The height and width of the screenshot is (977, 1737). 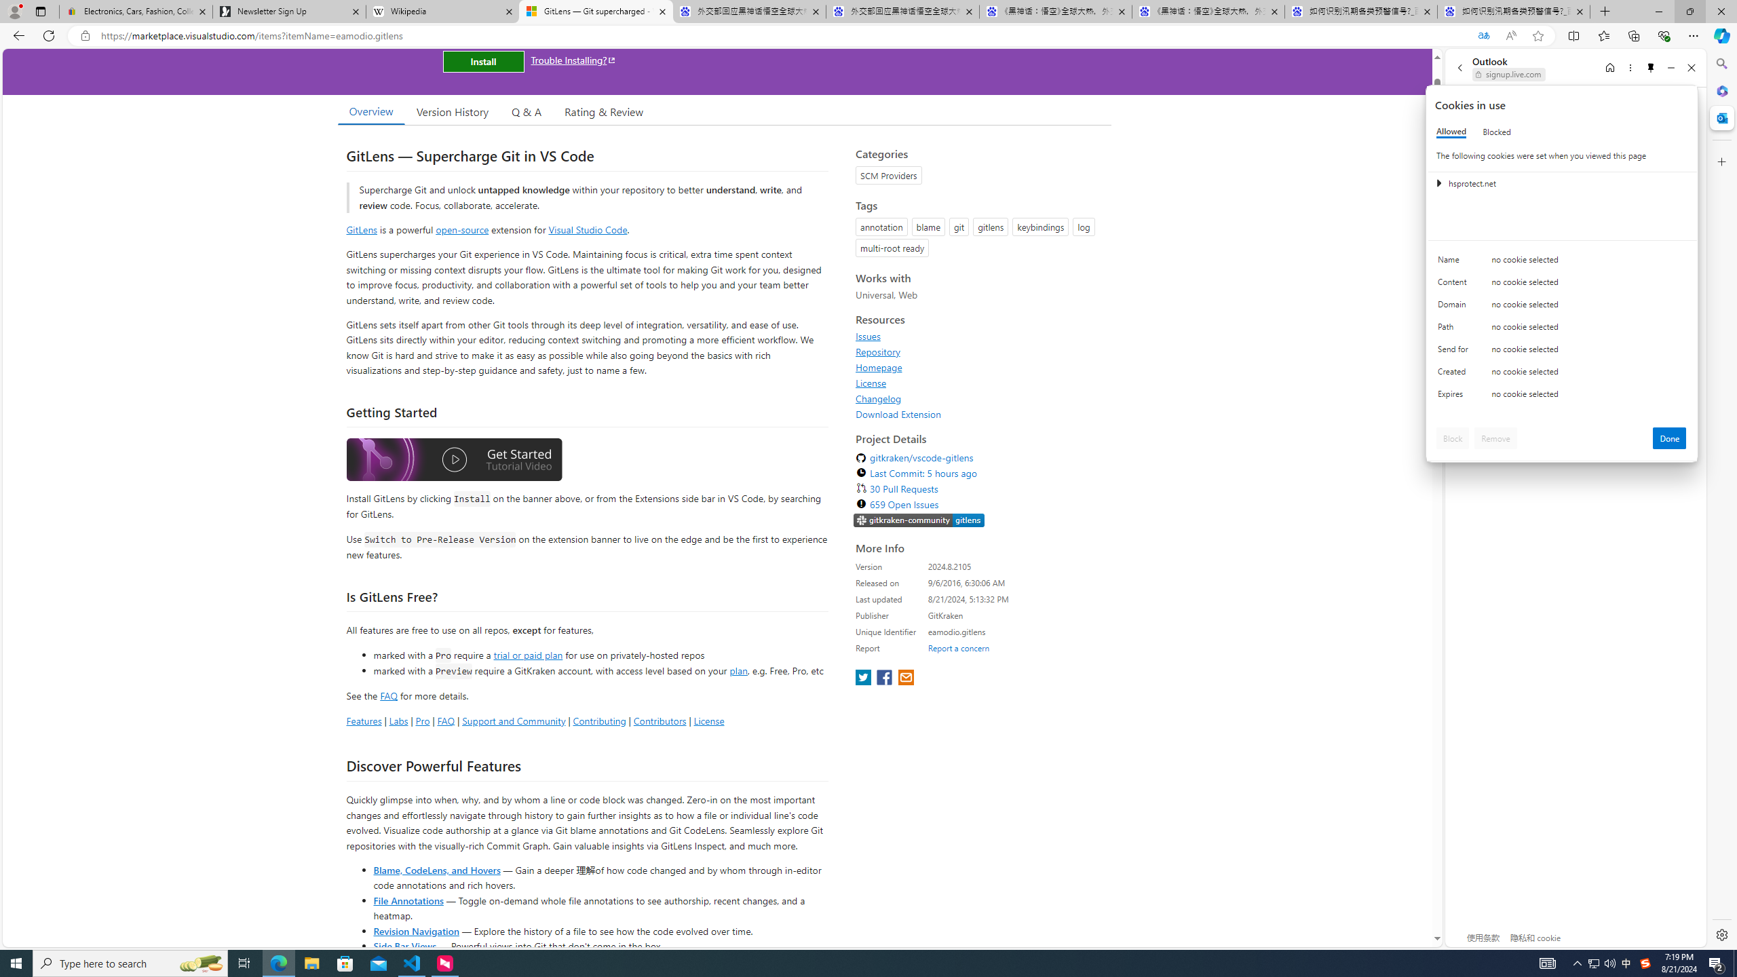 What do you see at coordinates (1455, 285) in the screenshot?
I see `'Content'` at bounding box center [1455, 285].